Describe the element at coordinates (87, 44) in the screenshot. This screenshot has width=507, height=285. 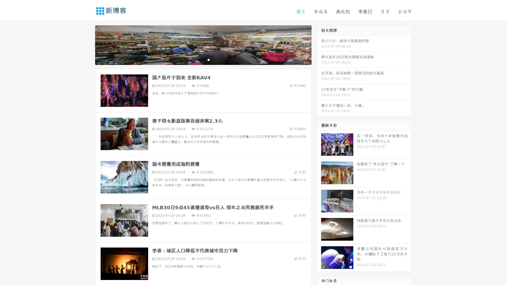
I see `Previous slide` at that location.